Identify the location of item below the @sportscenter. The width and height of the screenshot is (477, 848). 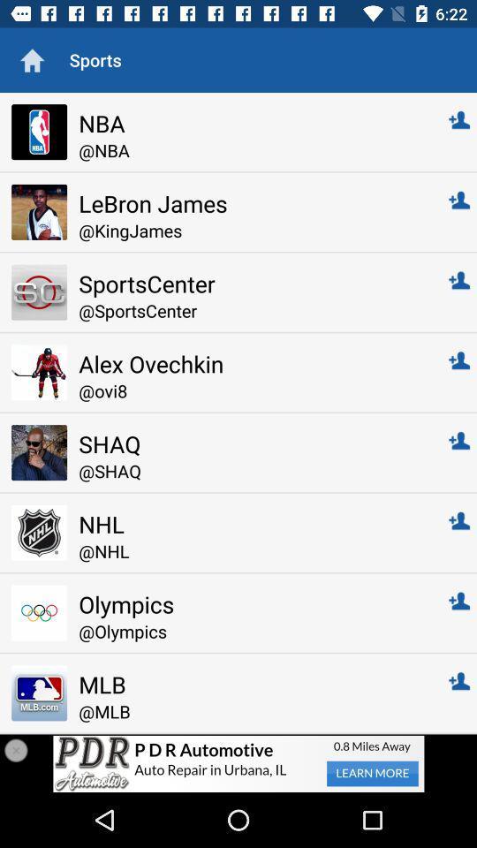
(251, 362).